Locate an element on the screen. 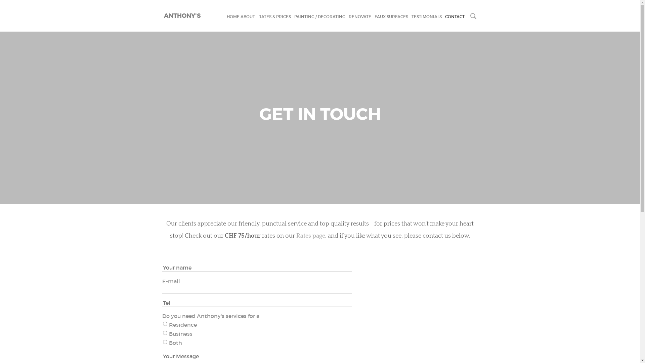 Image resolution: width=645 pixels, height=363 pixels. ' ANTHONY'S' is located at coordinates (162, 15).